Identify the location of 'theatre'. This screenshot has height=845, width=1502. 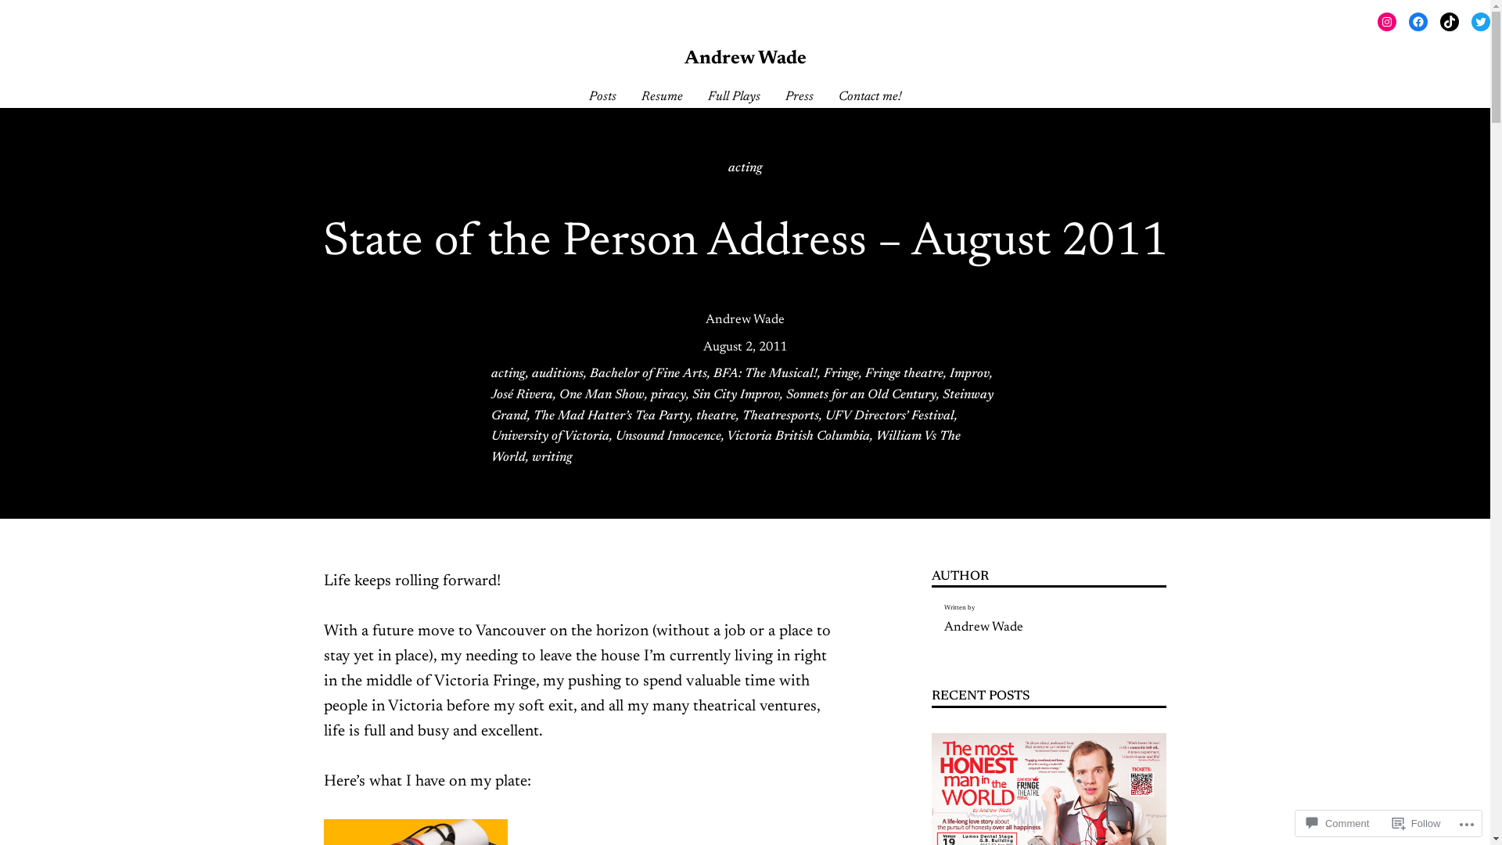
(715, 415).